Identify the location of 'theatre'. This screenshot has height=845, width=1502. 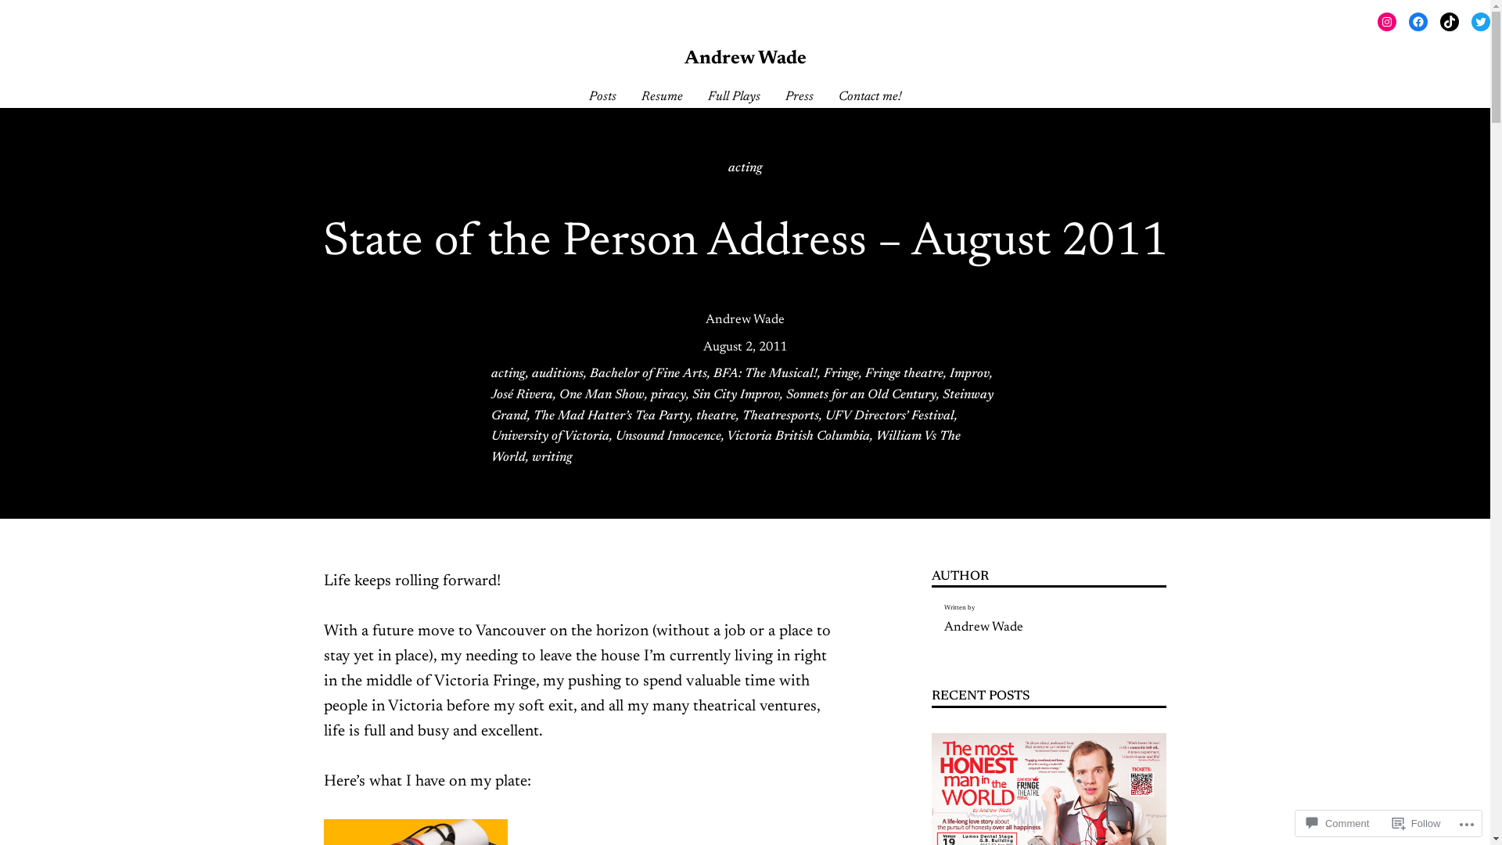
(715, 415).